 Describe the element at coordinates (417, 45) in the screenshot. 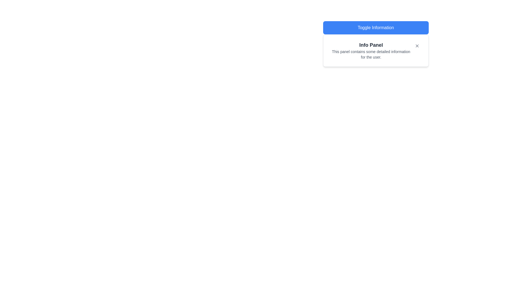

I see `the button in the top-right corner of the 'Info Panel'` at that location.